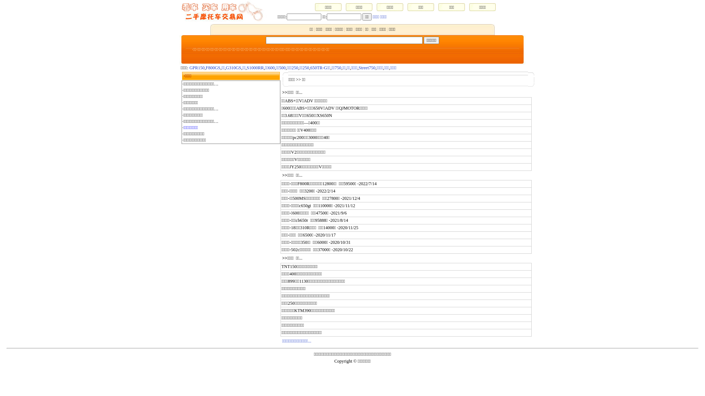 This screenshot has width=705, height=396. What do you see at coordinates (255, 68) in the screenshot?
I see `'S1000RR'` at bounding box center [255, 68].